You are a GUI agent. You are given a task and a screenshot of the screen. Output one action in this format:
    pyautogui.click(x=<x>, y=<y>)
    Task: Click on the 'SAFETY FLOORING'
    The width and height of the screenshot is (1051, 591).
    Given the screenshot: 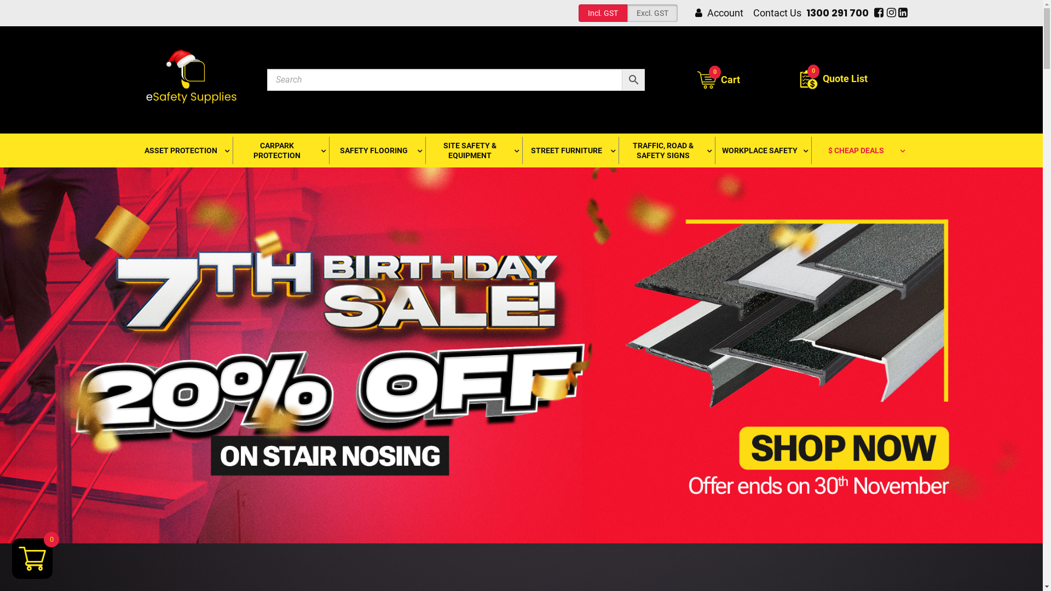 What is the action you would take?
    pyautogui.click(x=328, y=150)
    